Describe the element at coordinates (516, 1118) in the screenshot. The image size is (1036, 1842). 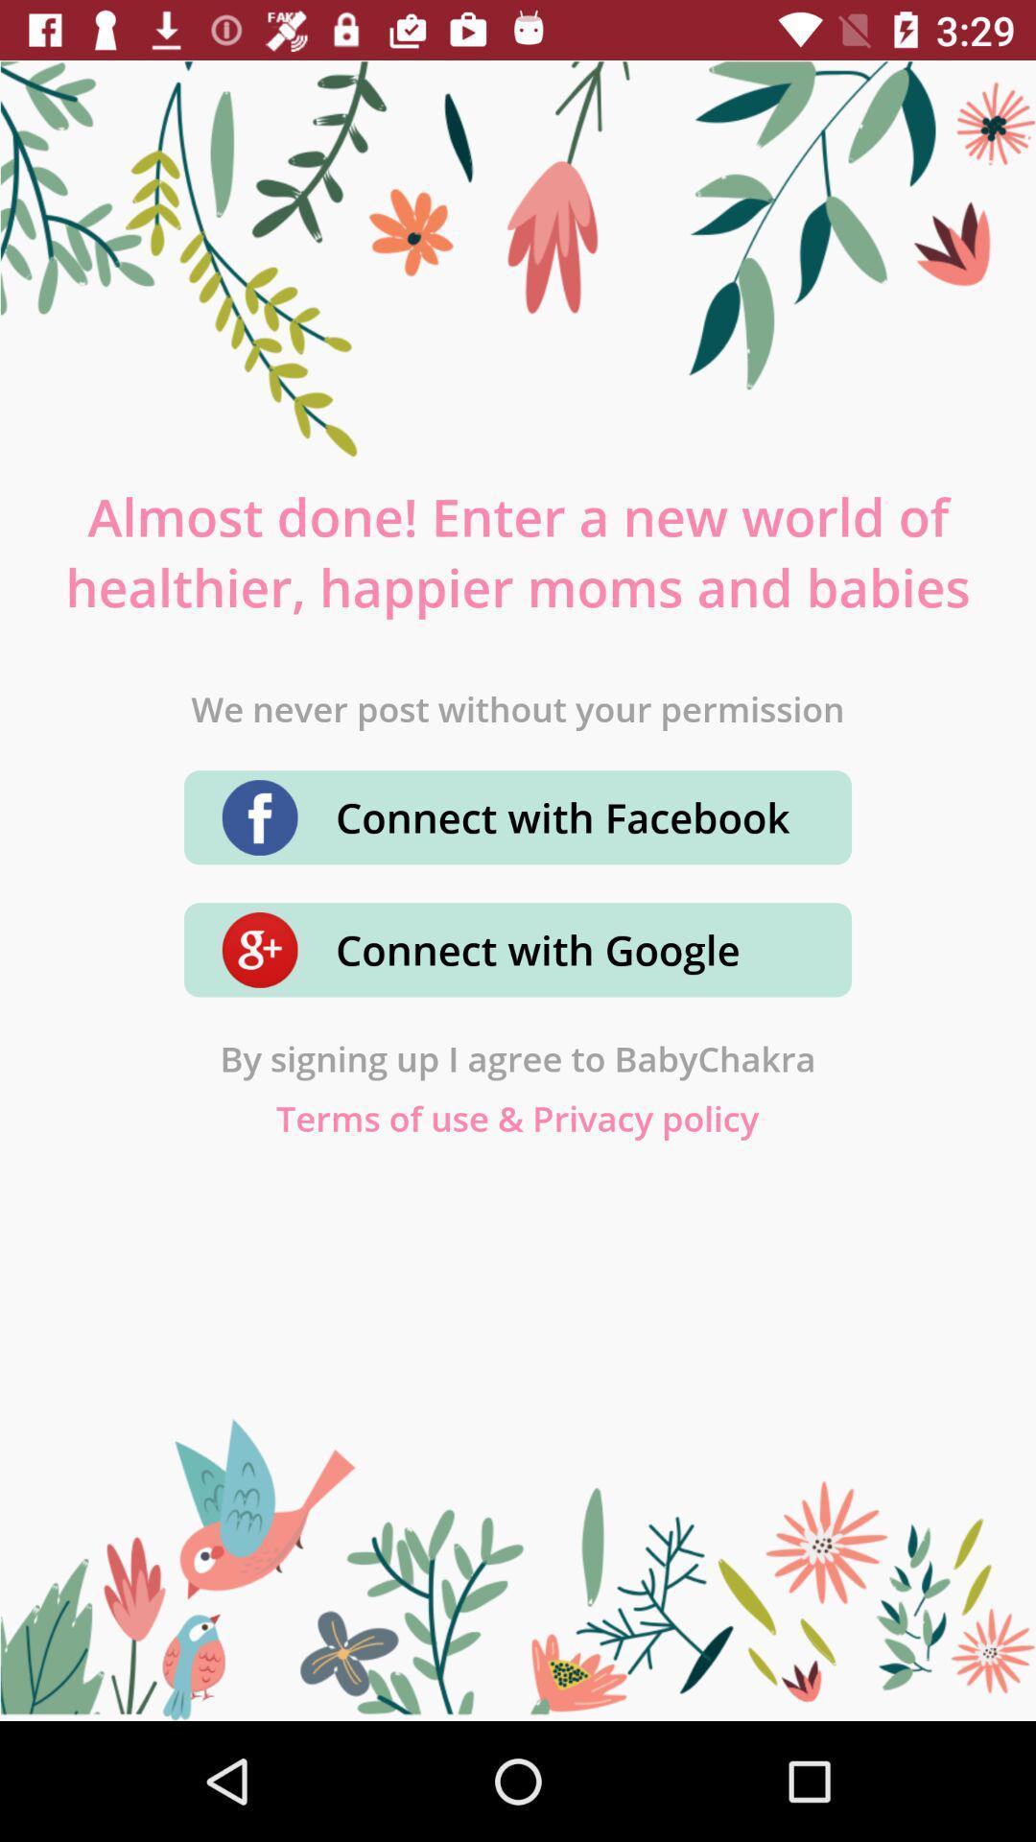
I see `terms of use icon` at that location.